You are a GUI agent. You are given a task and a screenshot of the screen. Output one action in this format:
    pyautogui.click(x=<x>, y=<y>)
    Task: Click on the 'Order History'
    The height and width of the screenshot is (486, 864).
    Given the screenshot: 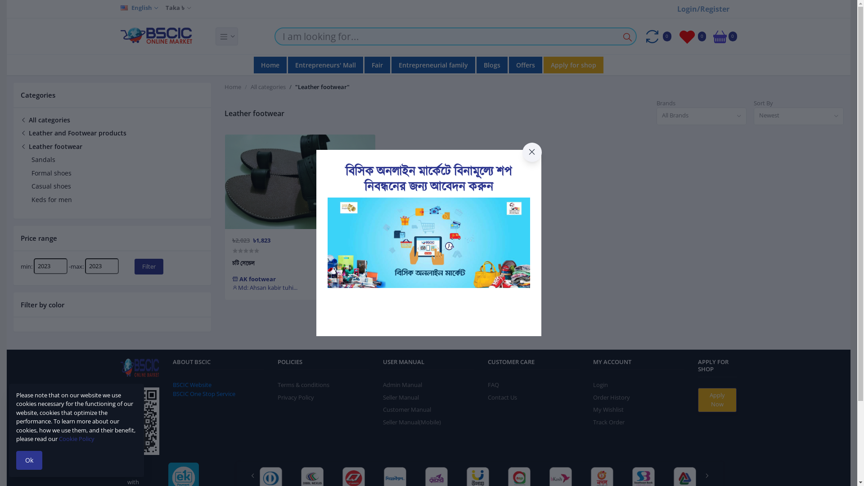 What is the action you would take?
    pyautogui.click(x=611, y=397)
    